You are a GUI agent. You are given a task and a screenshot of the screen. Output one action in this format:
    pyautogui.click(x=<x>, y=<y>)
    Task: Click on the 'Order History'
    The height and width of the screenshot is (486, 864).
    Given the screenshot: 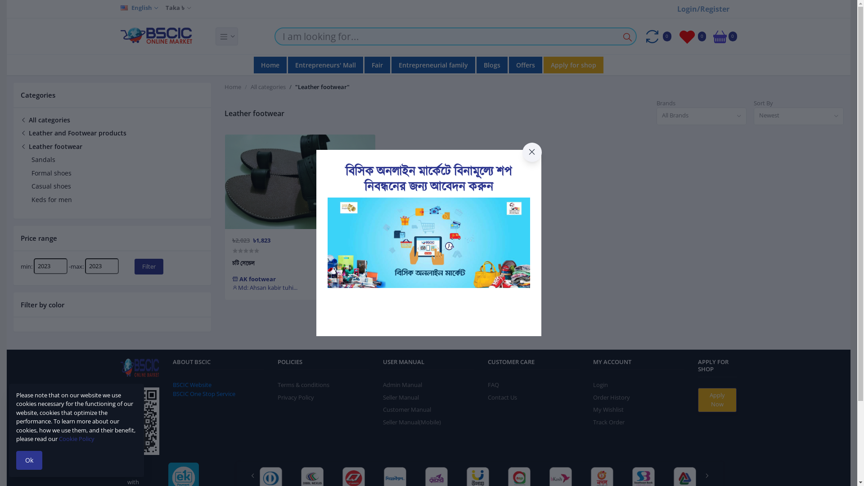 What is the action you would take?
    pyautogui.click(x=611, y=397)
    